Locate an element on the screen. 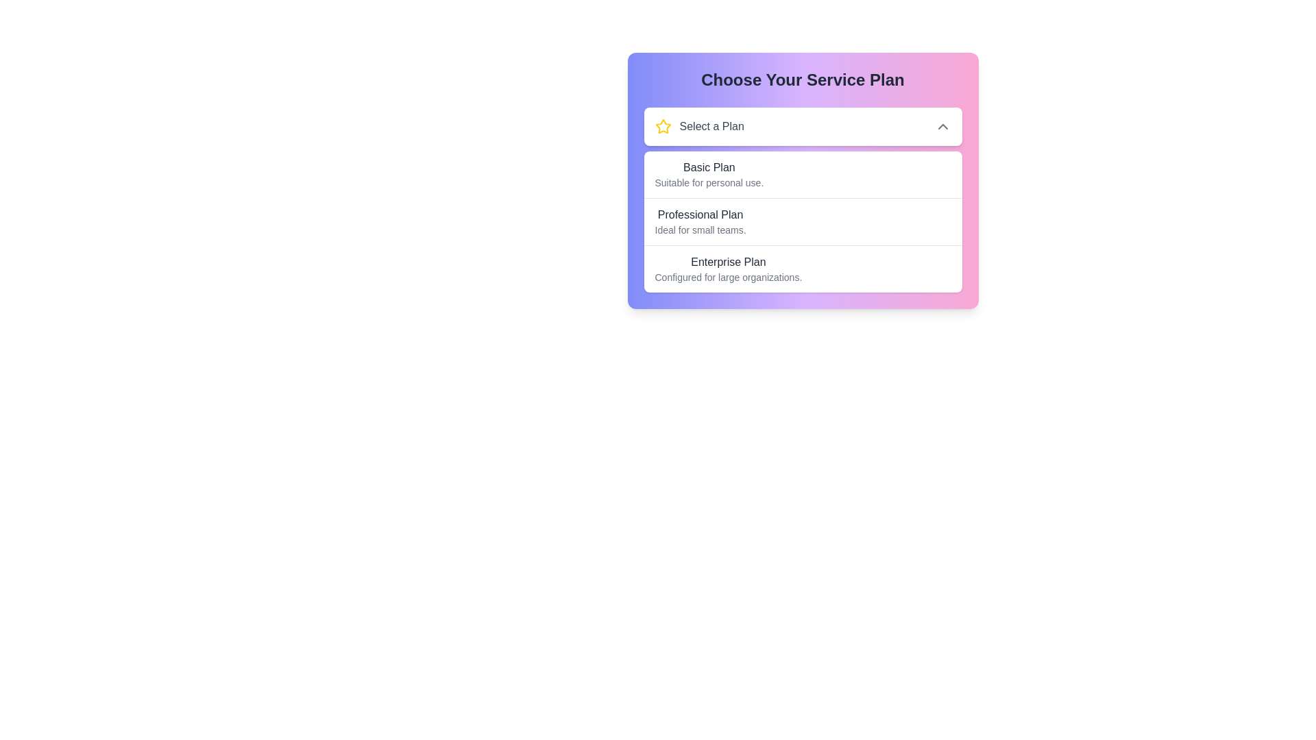 The image size is (1316, 740). text content of the 'Basic Plan' label, which is styled in a medium font and appears in dark gray color within the modal 'Choose Your Service Plan' is located at coordinates (709, 167).